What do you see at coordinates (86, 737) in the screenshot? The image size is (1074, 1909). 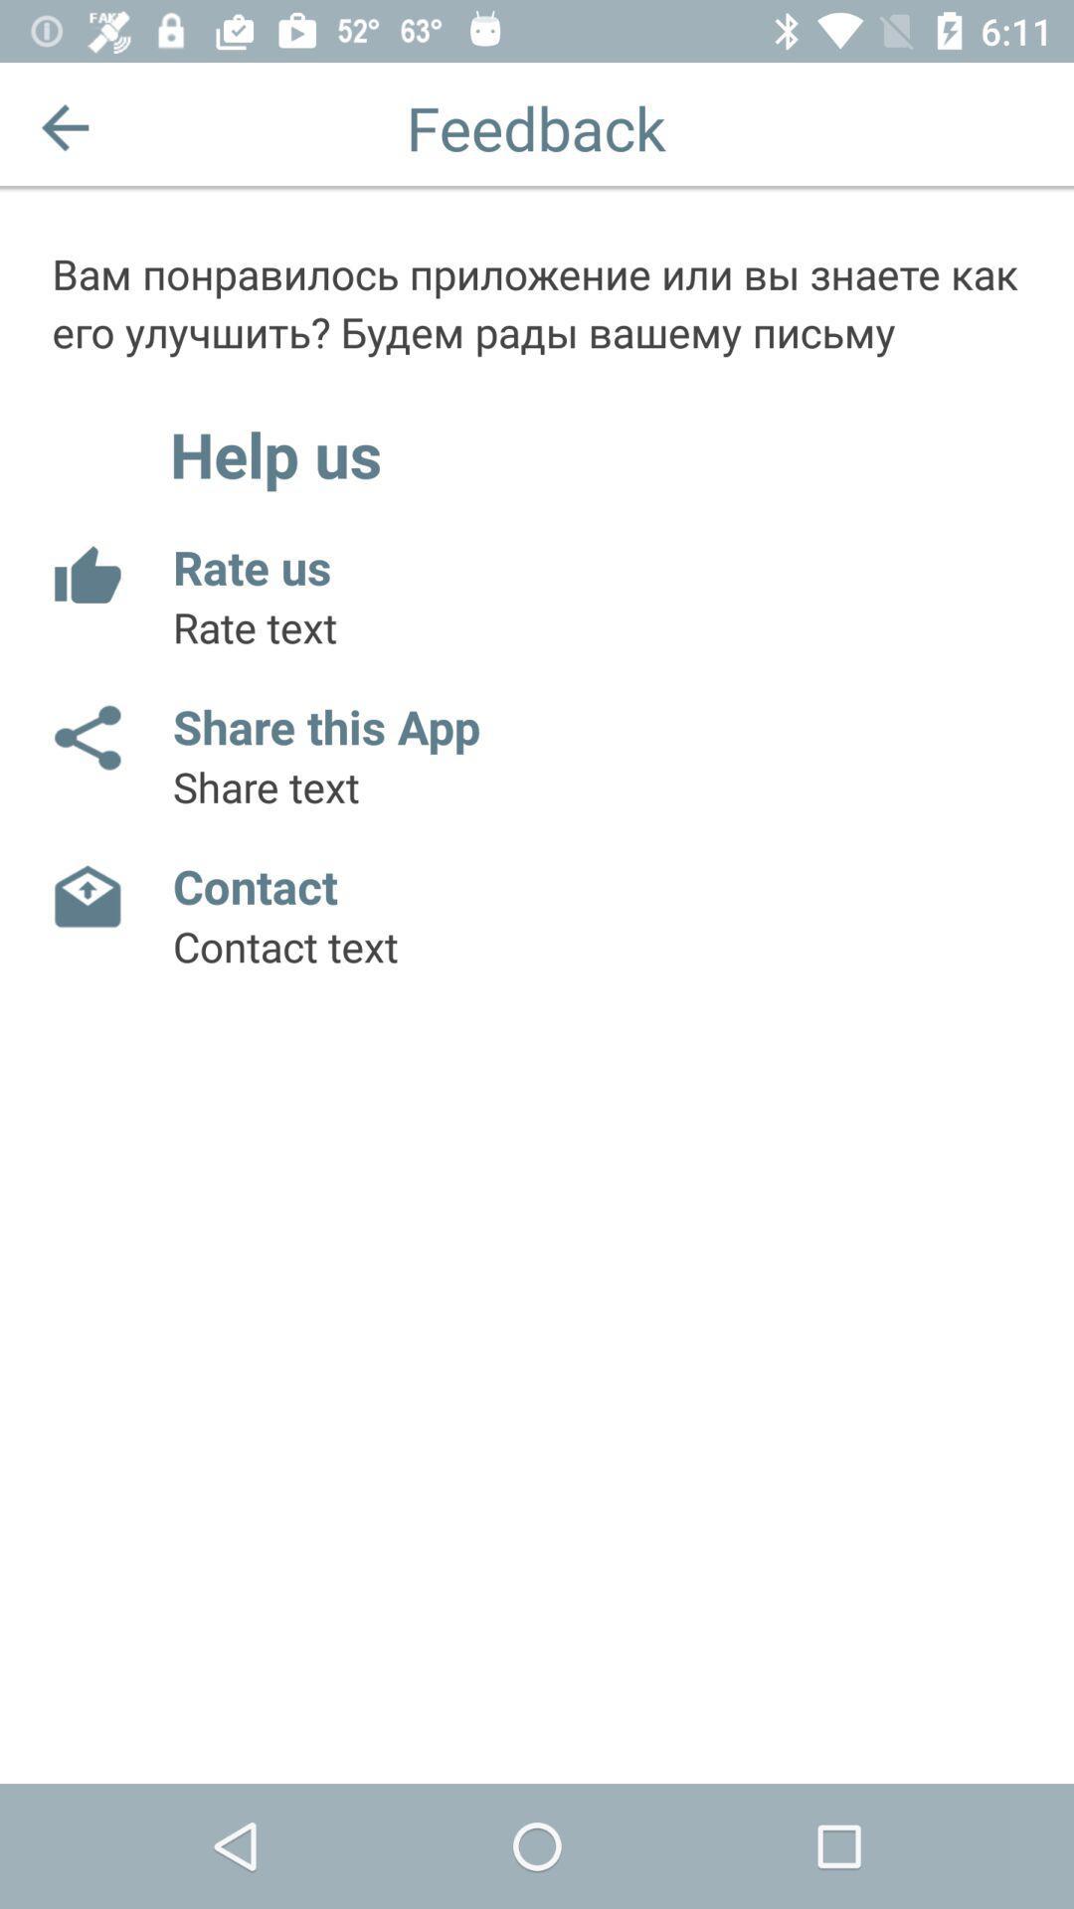 I see `the share icon` at bounding box center [86, 737].